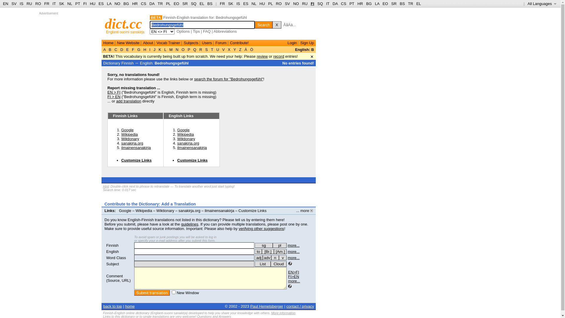 The width and height of the screenshot is (565, 318). I want to click on 'HR', so click(134, 4).